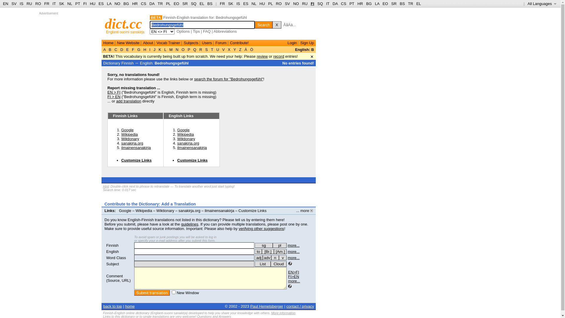 The width and height of the screenshot is (565, 318). I want to click on 'HR', so click(134, 4).